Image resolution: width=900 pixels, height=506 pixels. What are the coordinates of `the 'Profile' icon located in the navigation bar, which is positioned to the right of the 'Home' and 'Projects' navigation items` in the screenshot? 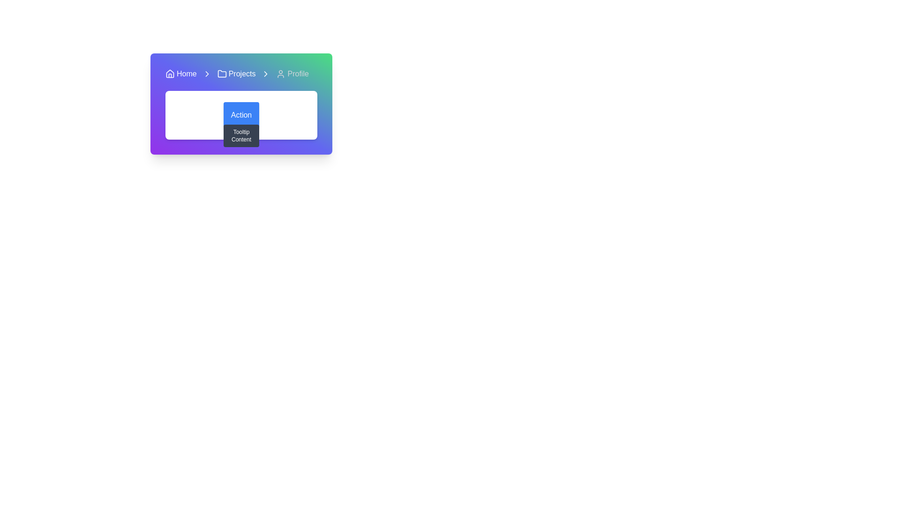 It's located at (280, 74).